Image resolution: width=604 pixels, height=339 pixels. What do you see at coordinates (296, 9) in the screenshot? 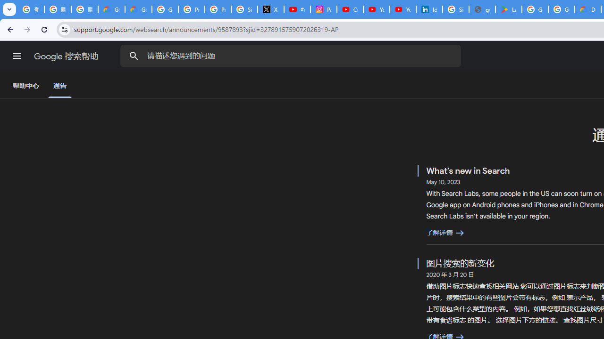
I see `'#nbabasketballhighlights - YouTube'` at bounding box center [296, 9].